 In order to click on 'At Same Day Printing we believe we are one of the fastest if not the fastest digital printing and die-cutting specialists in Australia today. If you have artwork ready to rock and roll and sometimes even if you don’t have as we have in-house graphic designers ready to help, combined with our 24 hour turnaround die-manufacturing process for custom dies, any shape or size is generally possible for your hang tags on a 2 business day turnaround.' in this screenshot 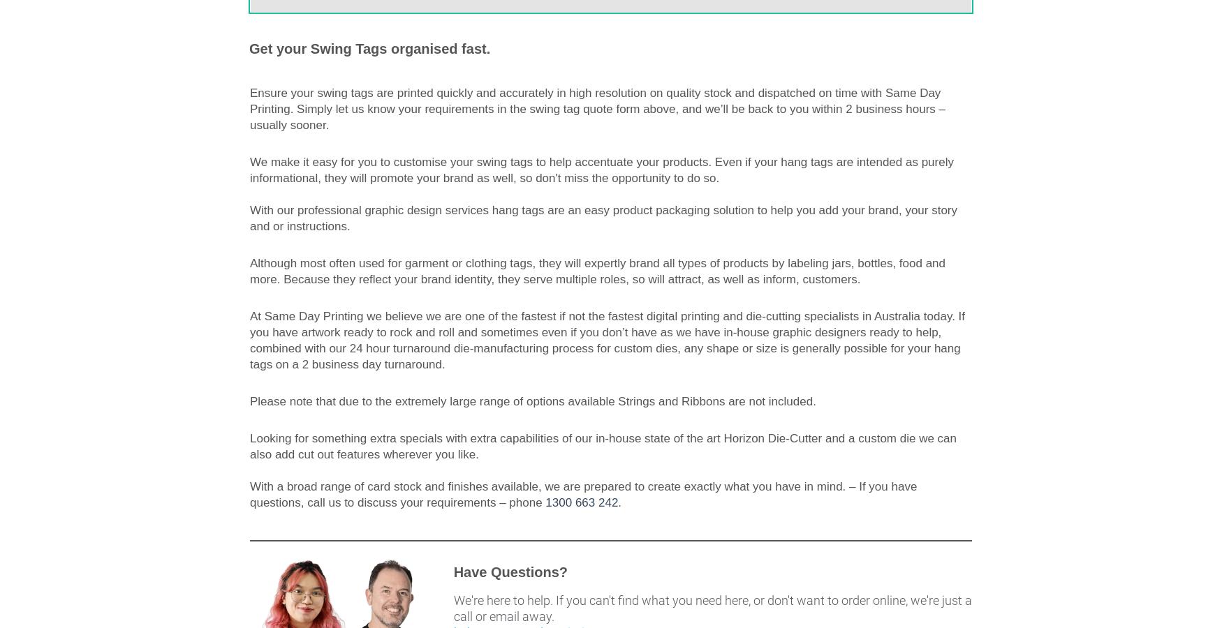, I will do `click(607, 339)`.